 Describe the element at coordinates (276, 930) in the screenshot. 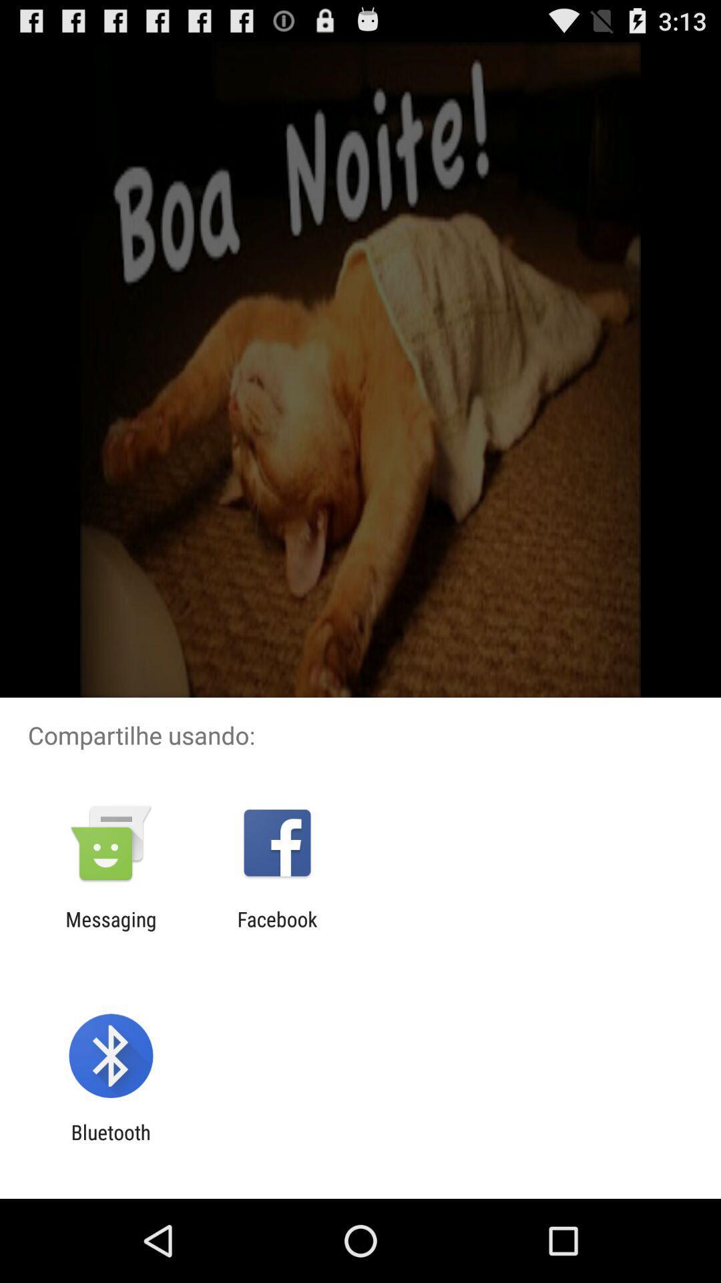

I see `facebook at the bottom` at that location.